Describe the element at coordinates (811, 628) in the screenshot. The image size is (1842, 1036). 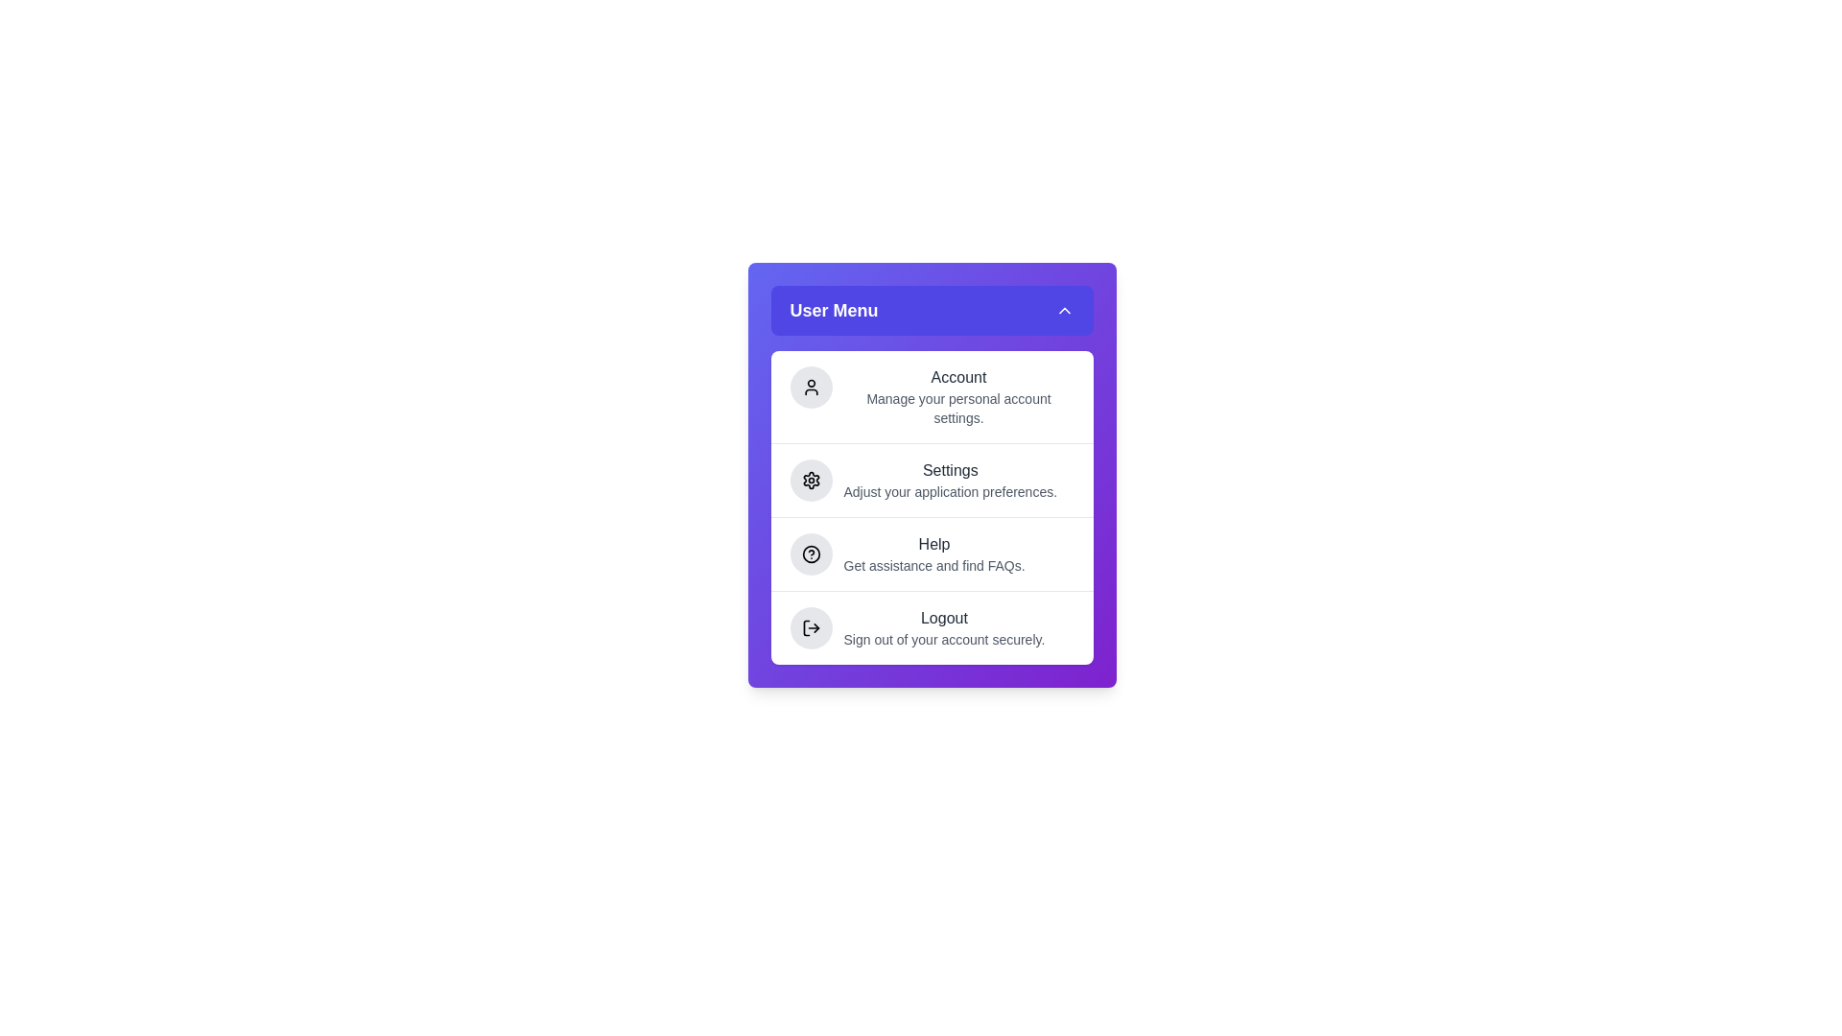
I see `the icon associated with Logout` at that location.